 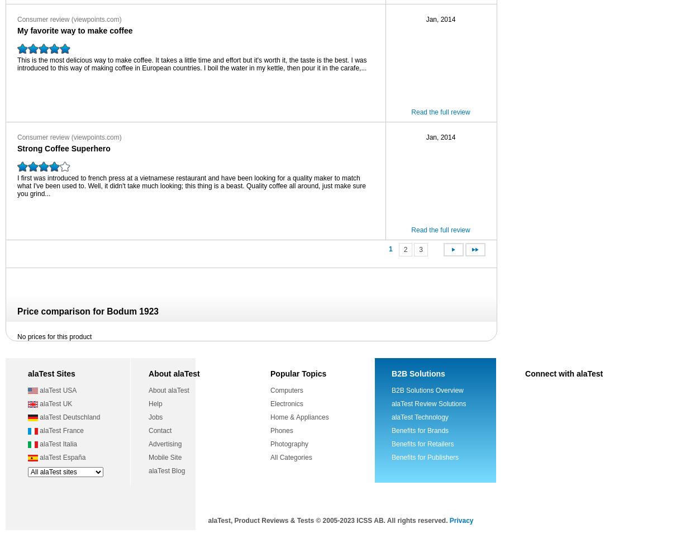 I want to click on 'Home & Appliances', so click(x=299, y=417).